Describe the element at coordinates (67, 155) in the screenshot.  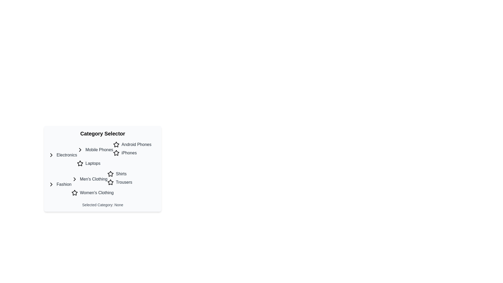
I see `the interactive text label 'Electronics' in the category selector to change its style from gray to blue` at that location.